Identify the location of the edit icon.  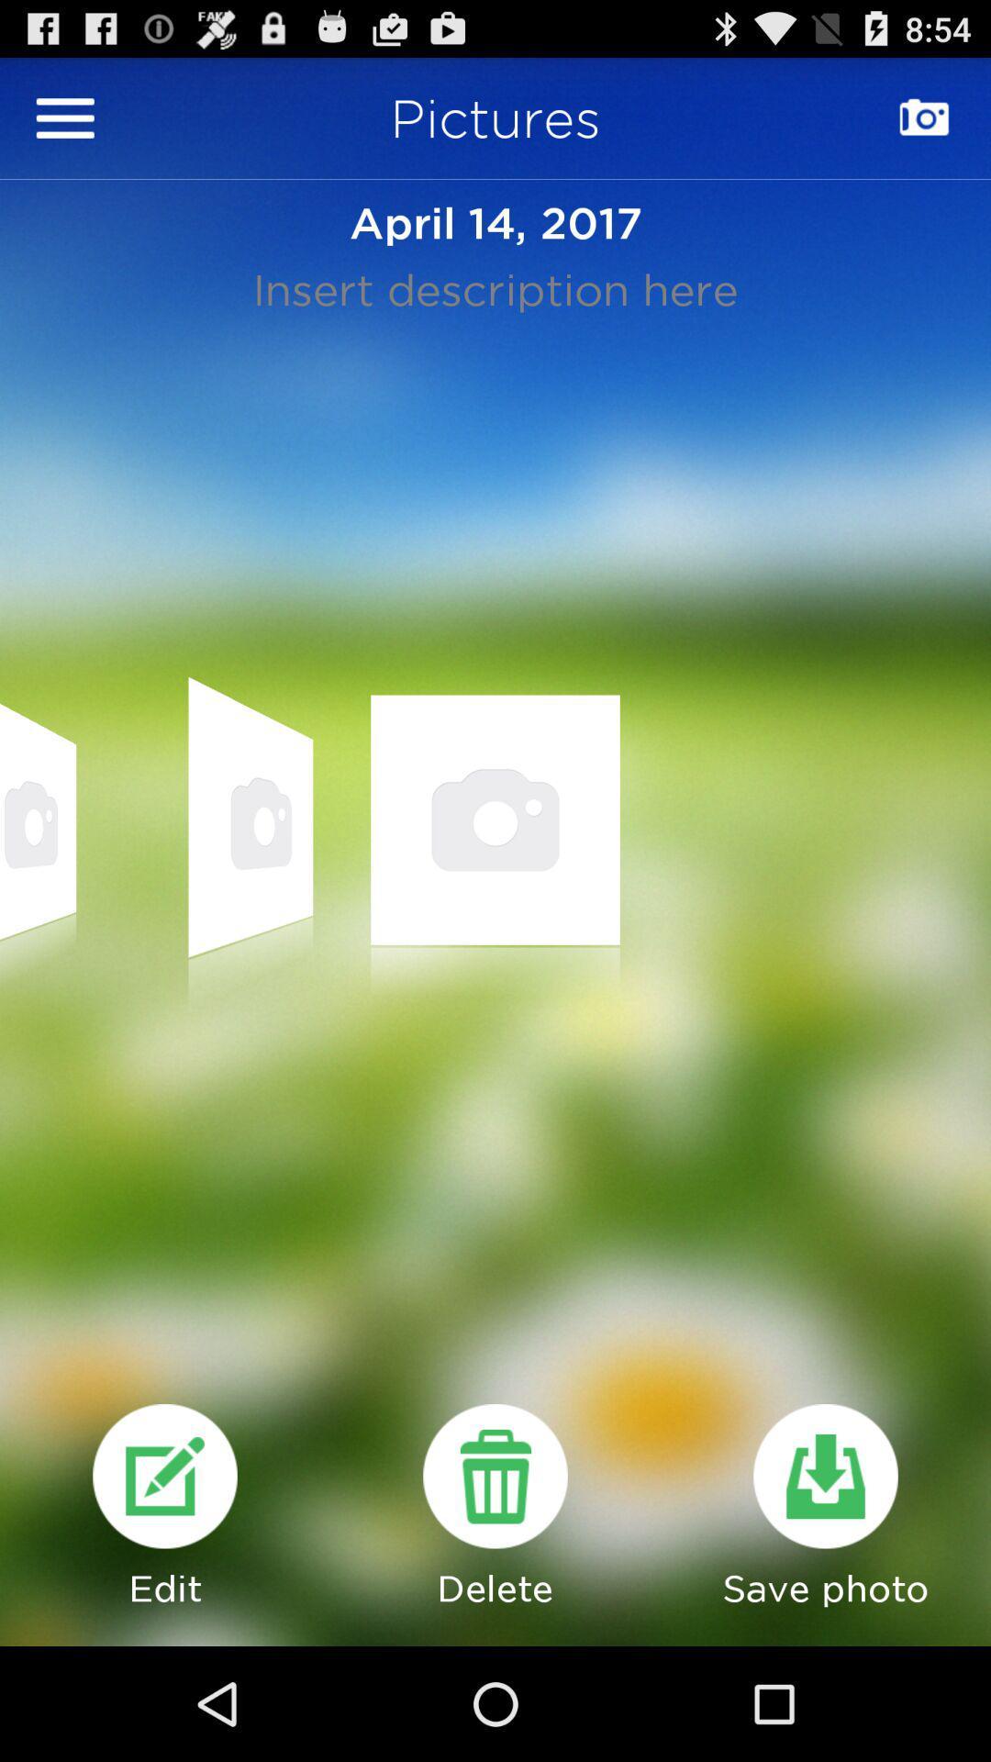
(165, 1578).